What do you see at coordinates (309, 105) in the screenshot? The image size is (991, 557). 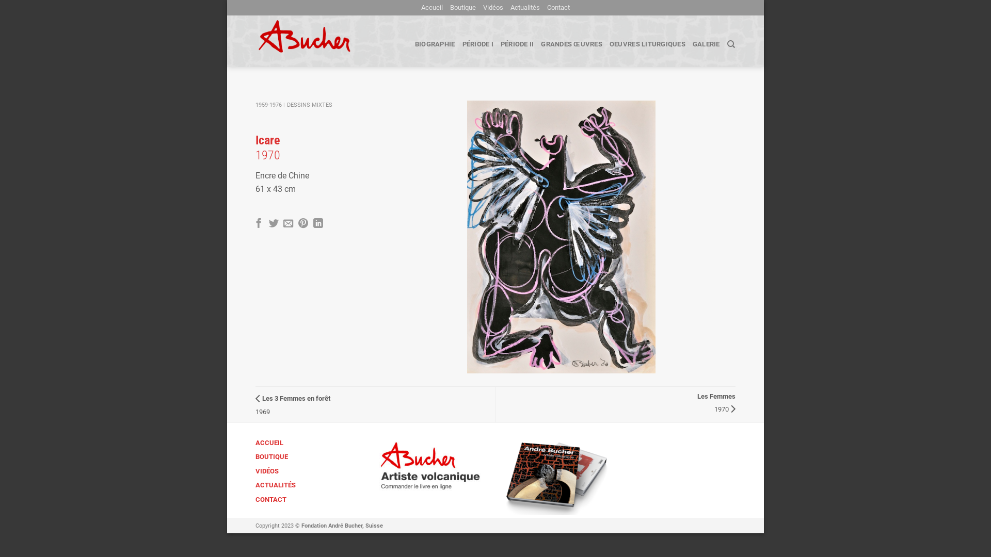 I see `'DESSINS MIXTES'` at bounding box center [309, 105].